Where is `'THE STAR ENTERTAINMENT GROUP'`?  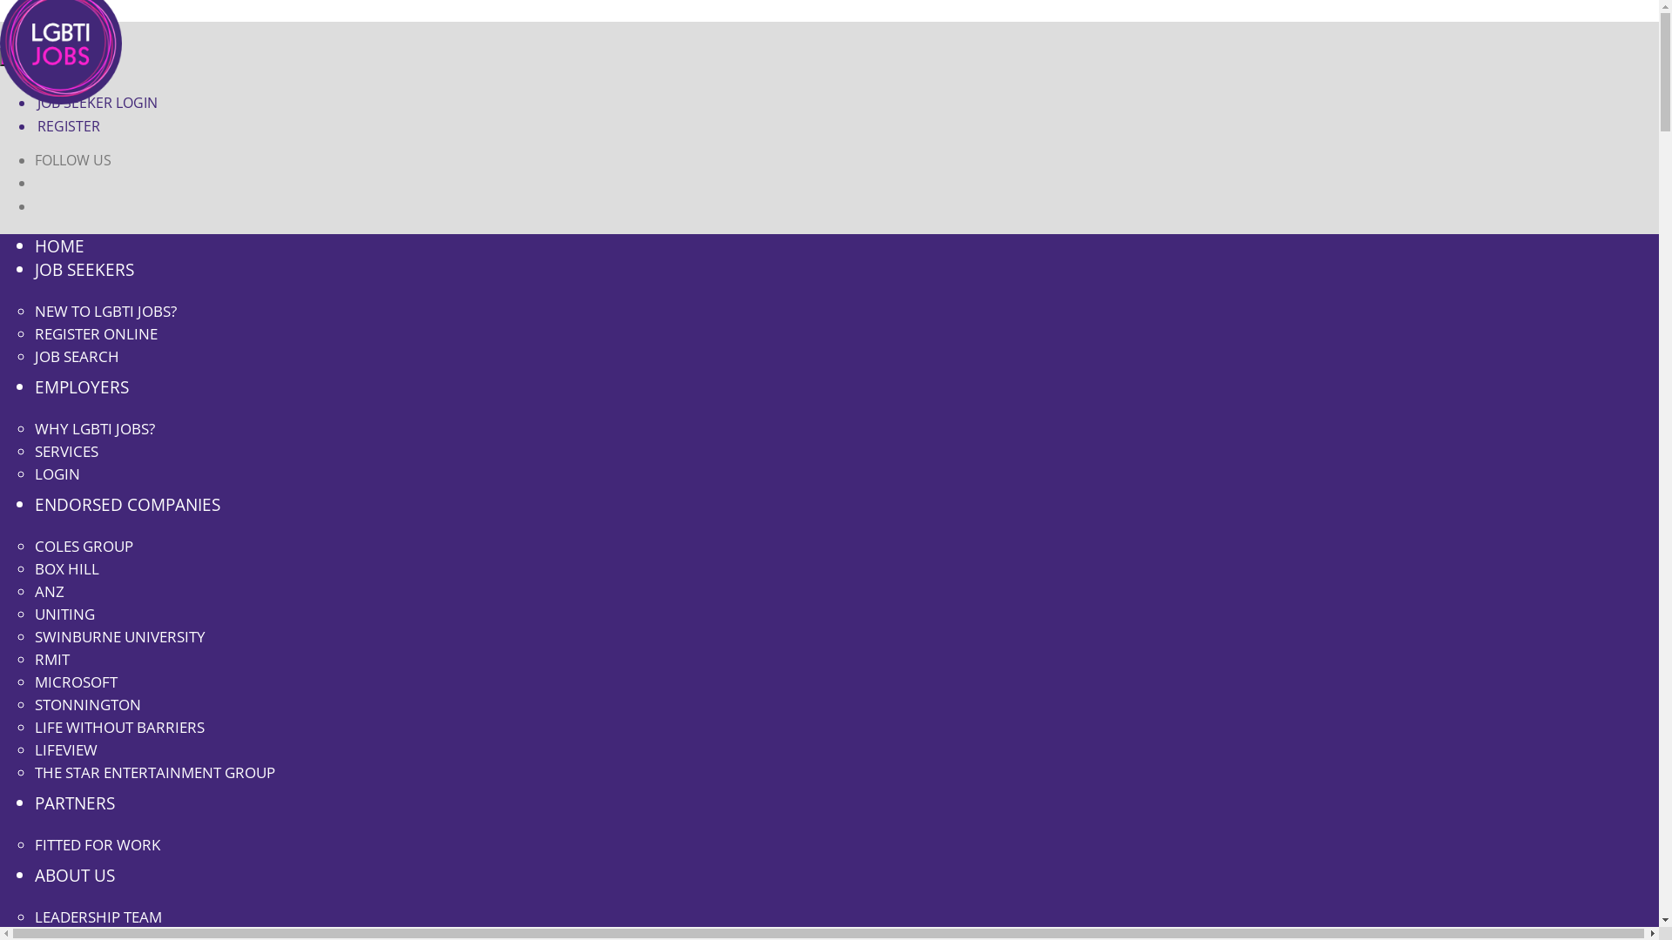
'THE STAR ENTERTAINMENT GROUP' is located at coordinates (154, 771).